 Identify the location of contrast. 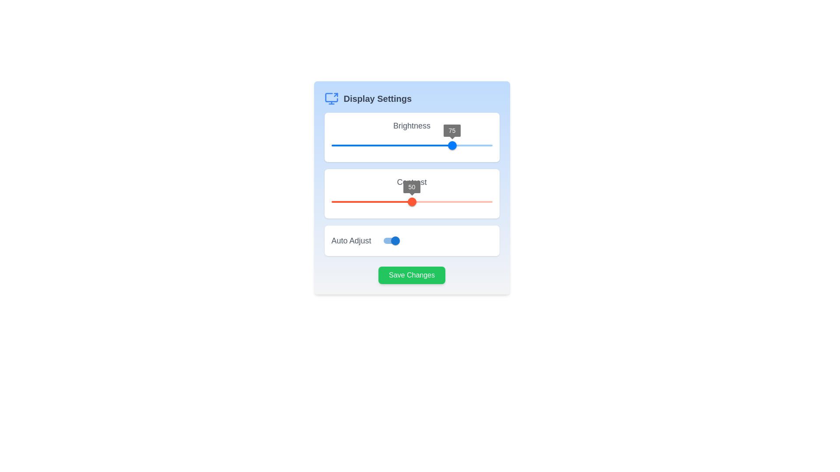
(381, 202).